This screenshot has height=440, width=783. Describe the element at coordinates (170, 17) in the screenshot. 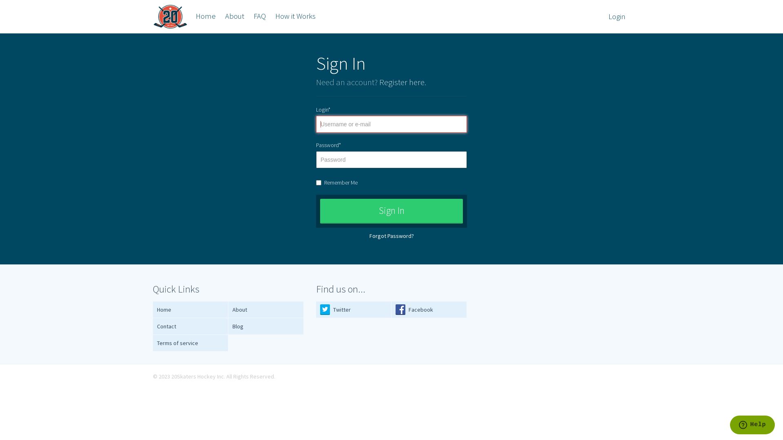

I see `'20Skaters'` at that location.